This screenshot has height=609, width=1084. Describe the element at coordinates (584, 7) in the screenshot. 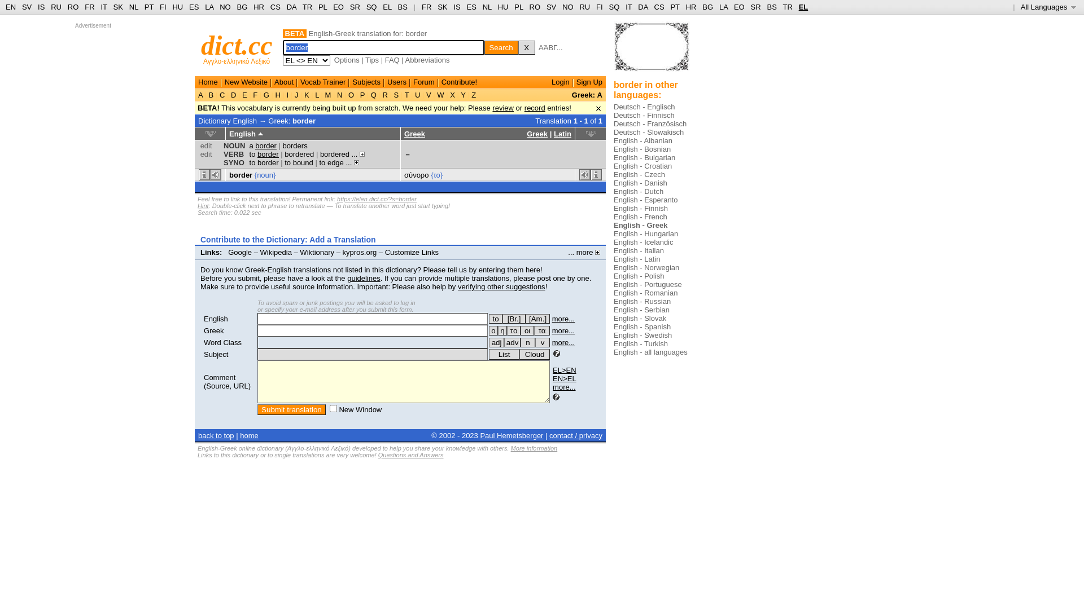

I see `'RU'` at that location.